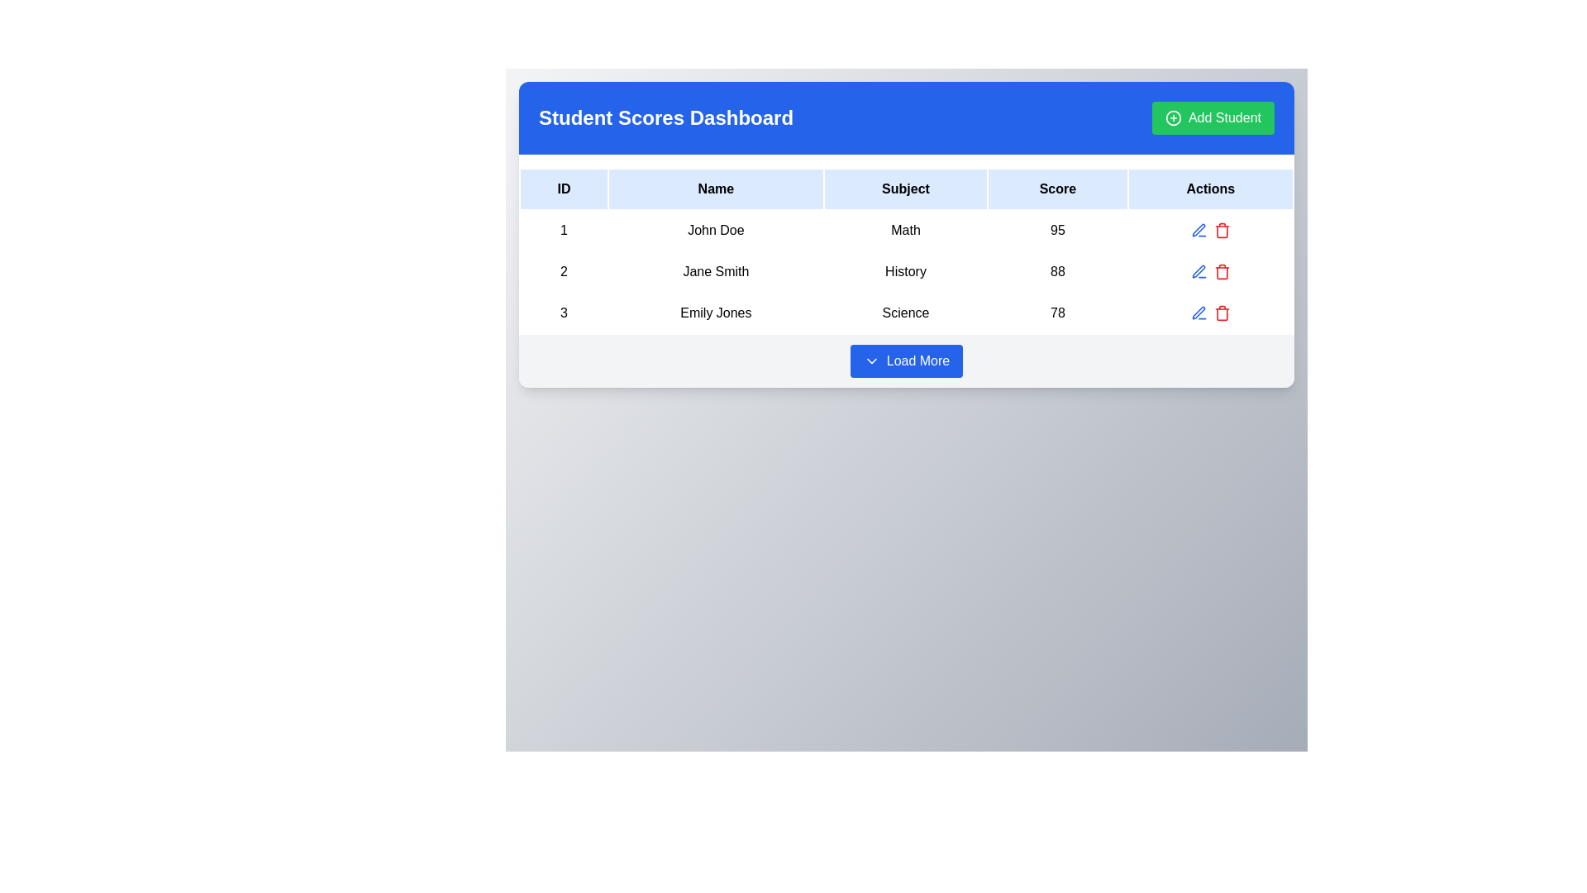 The height and width of the screenshot is (893, 1587). Describe the element at coordinates (1222, 314) in the screenshot. I see `the trash can icon representing the delete functionality for 'Emily Jones' in the Actions column` at that location.